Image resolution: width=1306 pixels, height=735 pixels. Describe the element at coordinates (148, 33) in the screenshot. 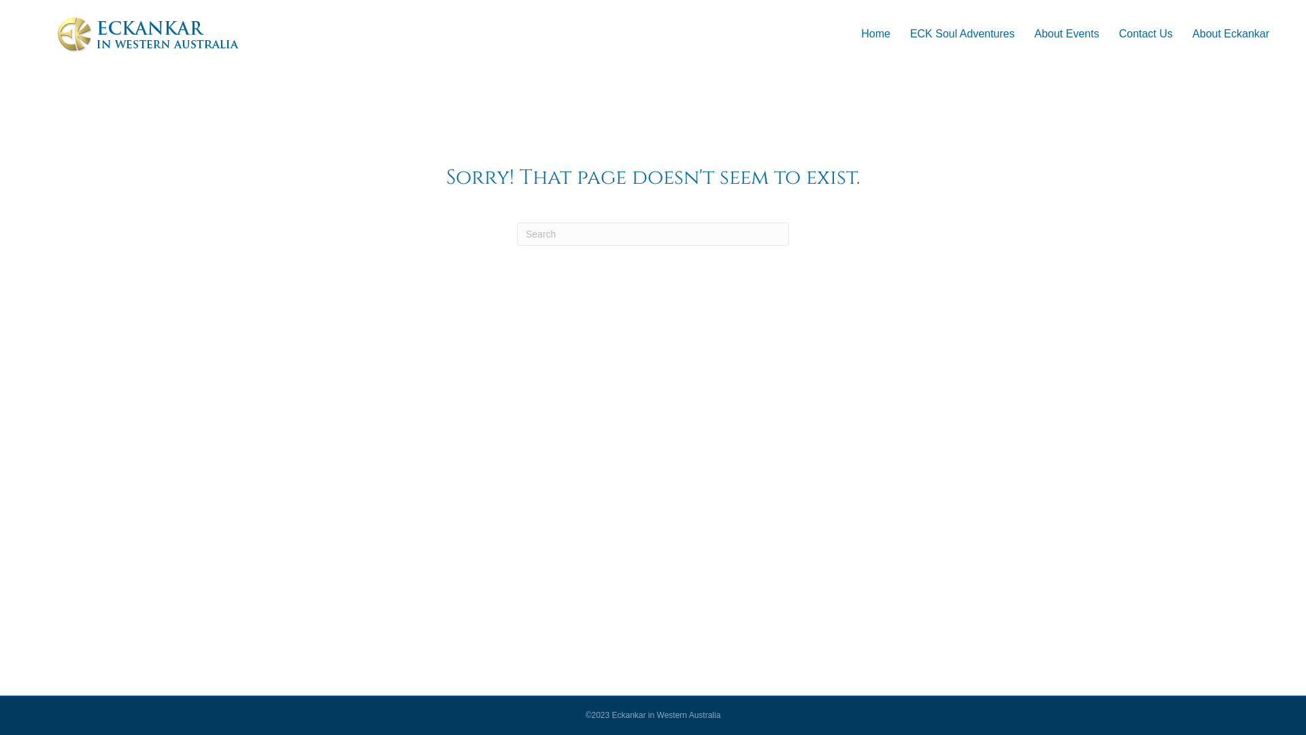

I see `'logo'` at that location.